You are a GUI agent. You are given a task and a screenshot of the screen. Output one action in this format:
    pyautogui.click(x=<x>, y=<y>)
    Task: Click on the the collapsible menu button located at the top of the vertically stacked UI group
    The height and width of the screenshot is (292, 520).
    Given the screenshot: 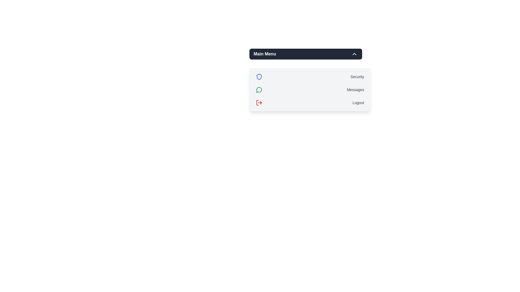 What is the action you would take?
    pyautogui.click(x=305, y=54)
    